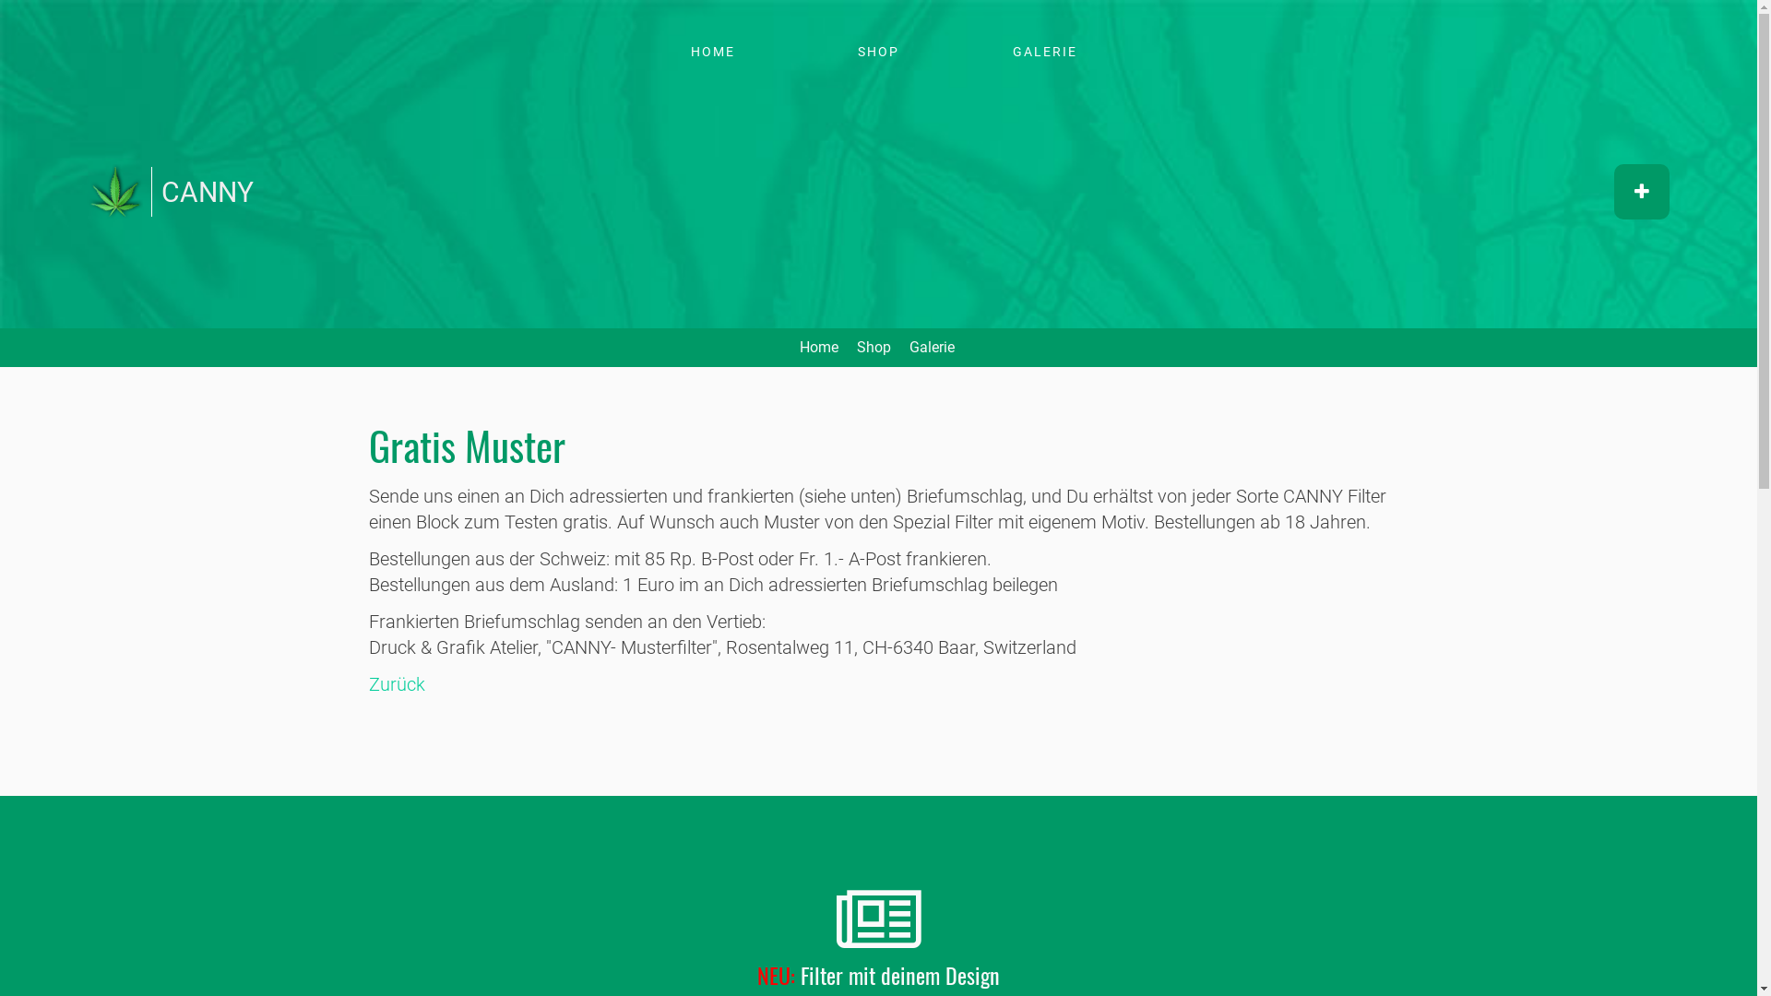 Image resolution: width=1771 pixels, height=996 pixels. What do you see at coordinates (854, 347) in the screenshot?
I see `'Shop'` at bounding box center [854, 347].